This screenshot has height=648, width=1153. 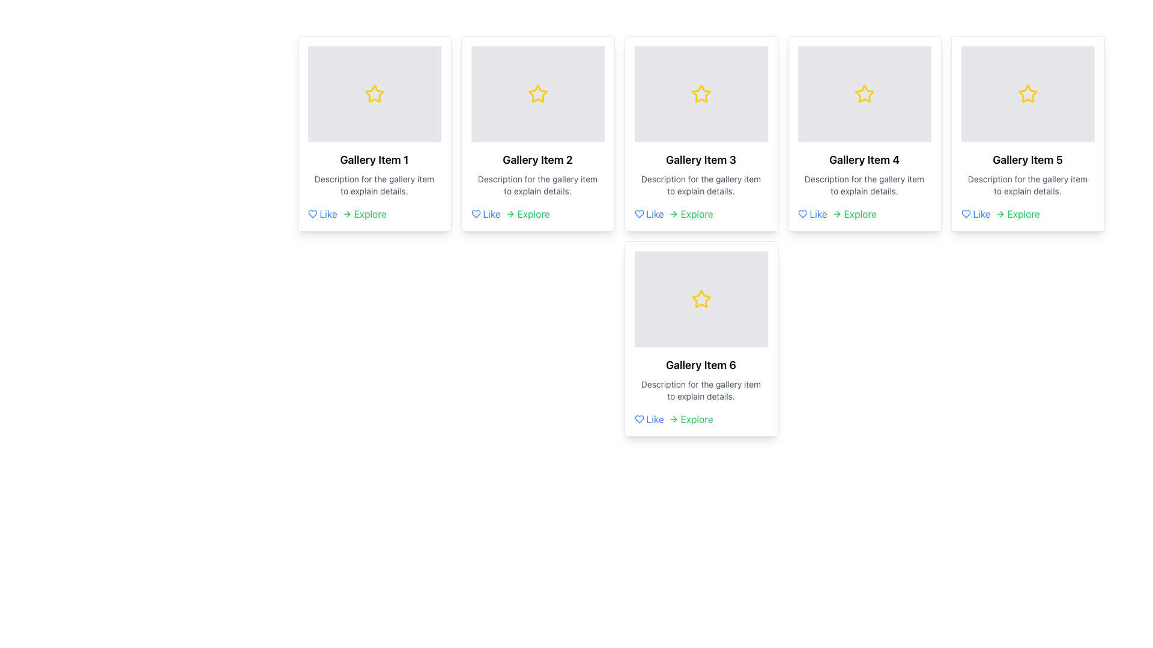 What do you see at coordinates (673, 418) in the screenshot?
I see `the right-pointing arrow icon located within the 'Explore' button beneath the Gallery Item 6 section for visual feedback` at bounding box center [673, 418].